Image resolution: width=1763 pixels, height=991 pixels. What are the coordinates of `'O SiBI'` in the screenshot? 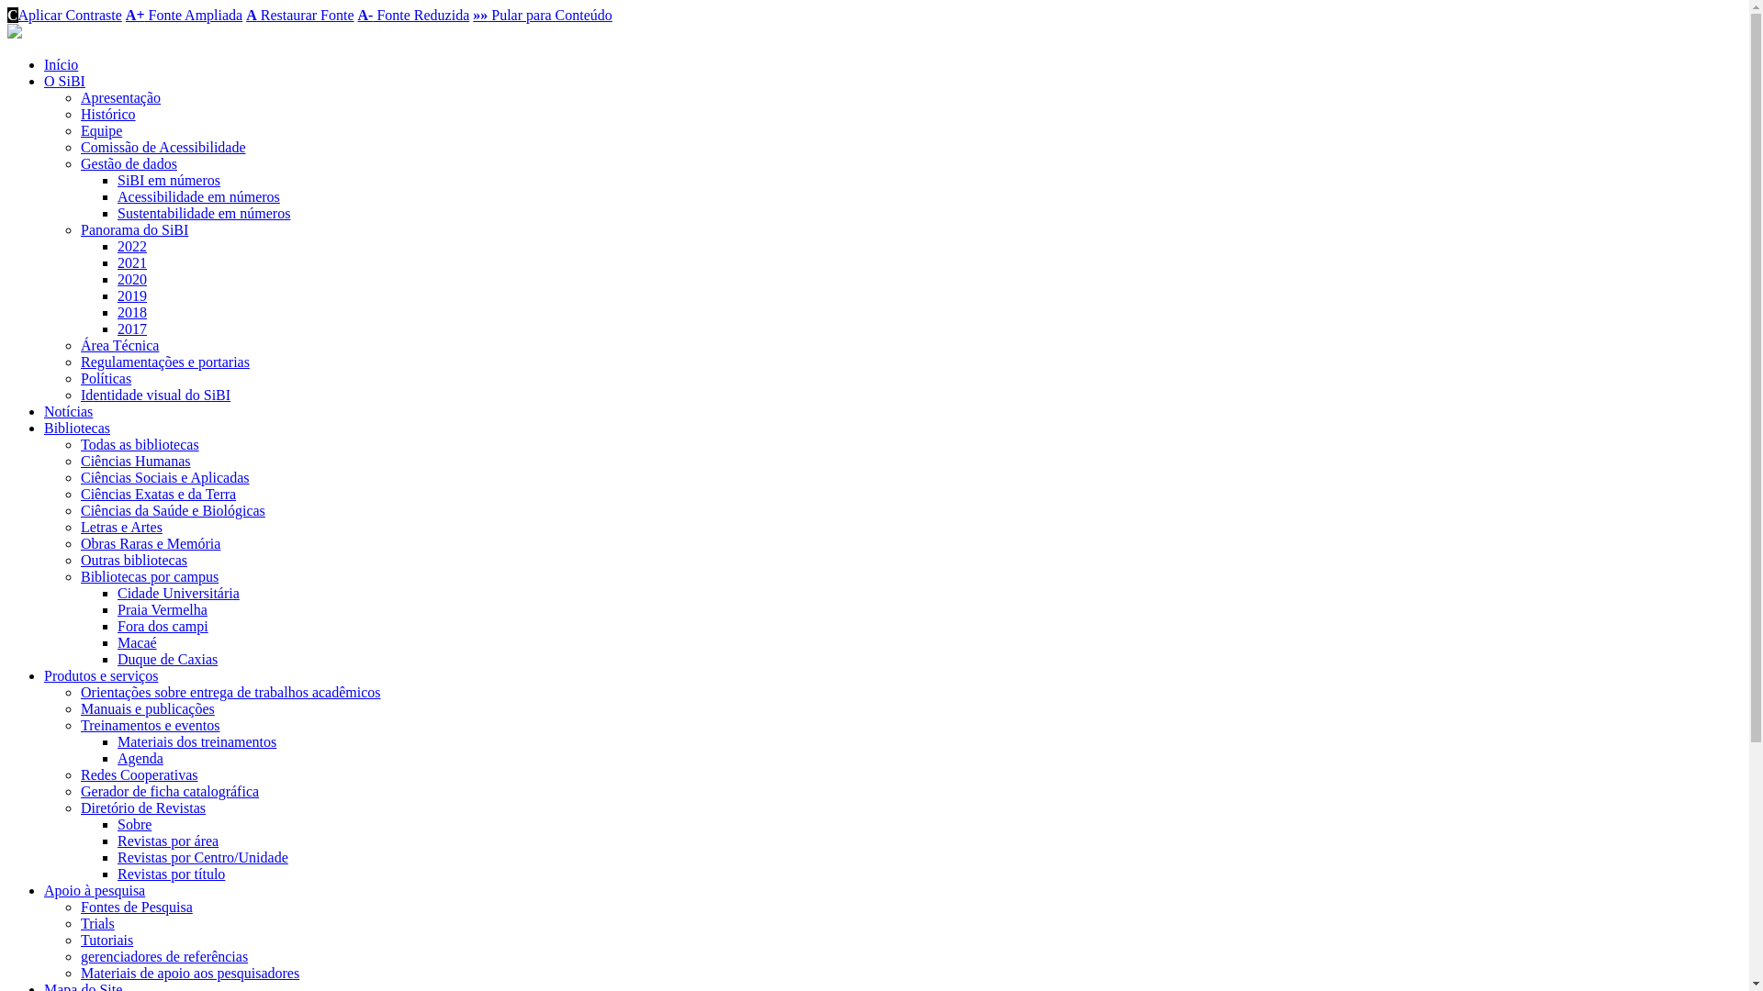 It's located at (64, 80).